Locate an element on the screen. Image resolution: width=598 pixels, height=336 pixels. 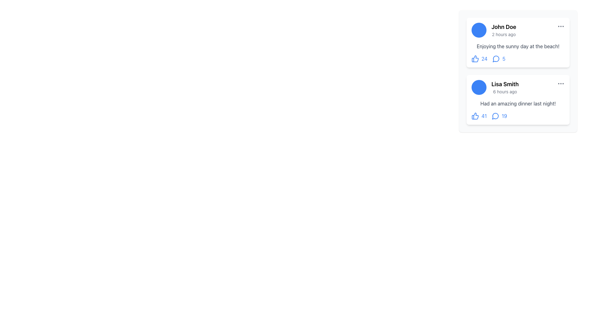
the interactive button that features a thumbs-up icon and the numeric value '41' for keyboard navigation is located at coordinates (479, 116).